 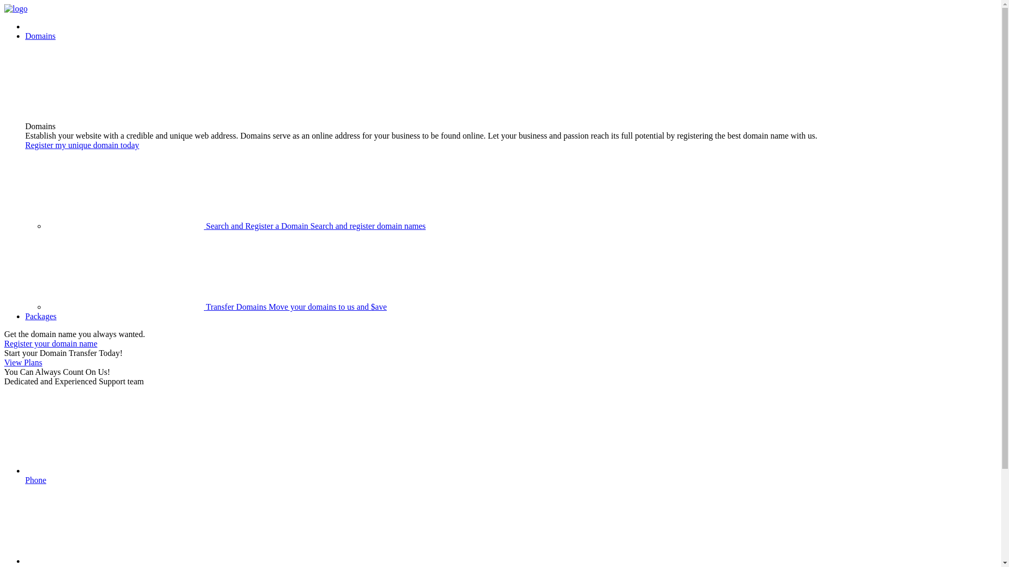 What do you see at coordinates (511, 439) in the screenshot?
I see `'Phone'` at bounding box center [511, 439].